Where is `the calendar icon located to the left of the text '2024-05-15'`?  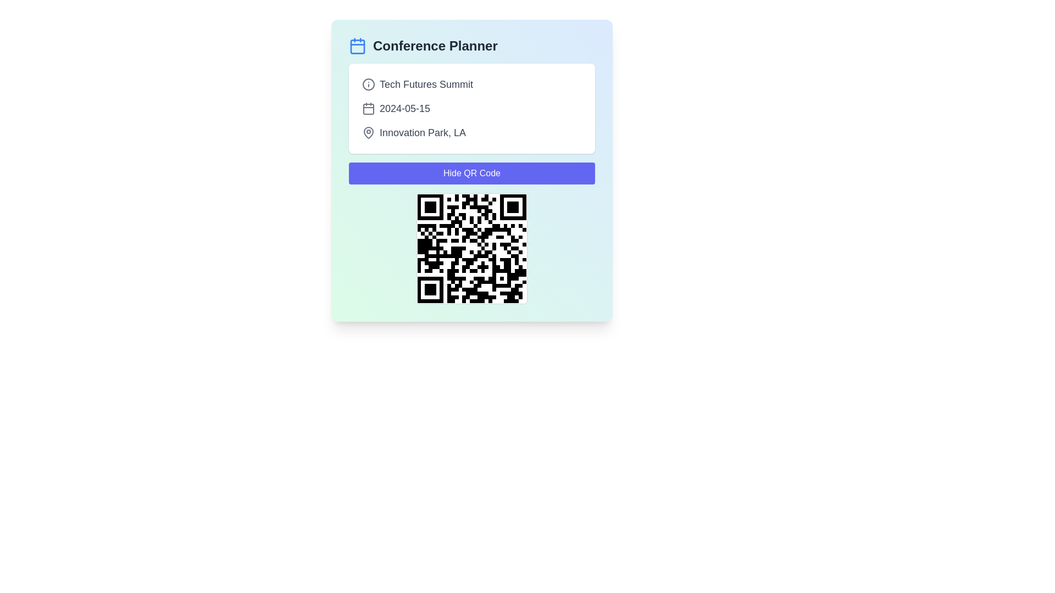 the calendar icon located to the left of the text '2024-05-15' is located at coordinates (369, 108).